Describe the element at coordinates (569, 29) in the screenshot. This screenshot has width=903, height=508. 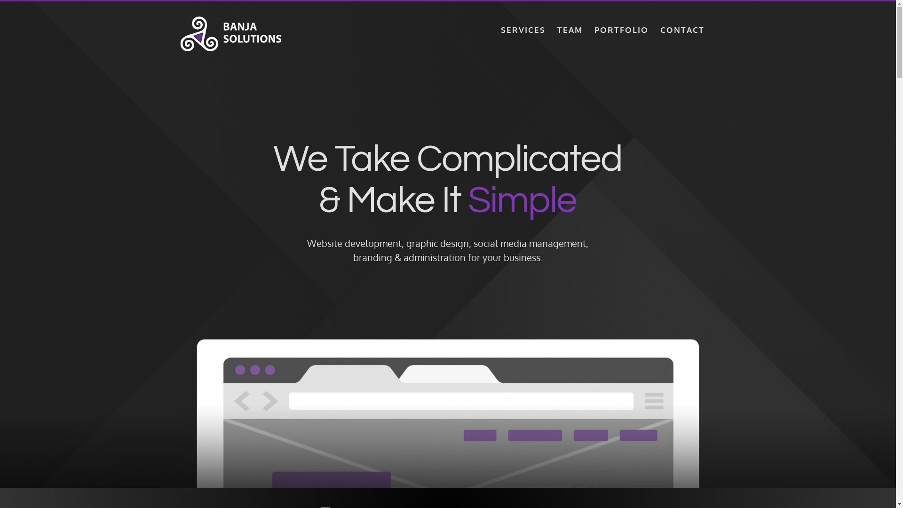
I see `'TEAM'` at that location.